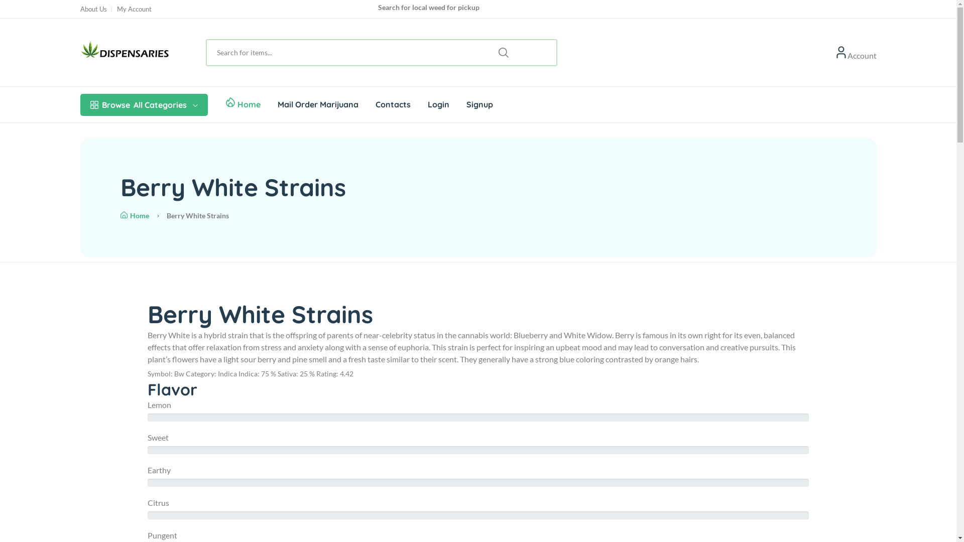  I want to click on 'Mail Order Marijuana', so click(317, 104).